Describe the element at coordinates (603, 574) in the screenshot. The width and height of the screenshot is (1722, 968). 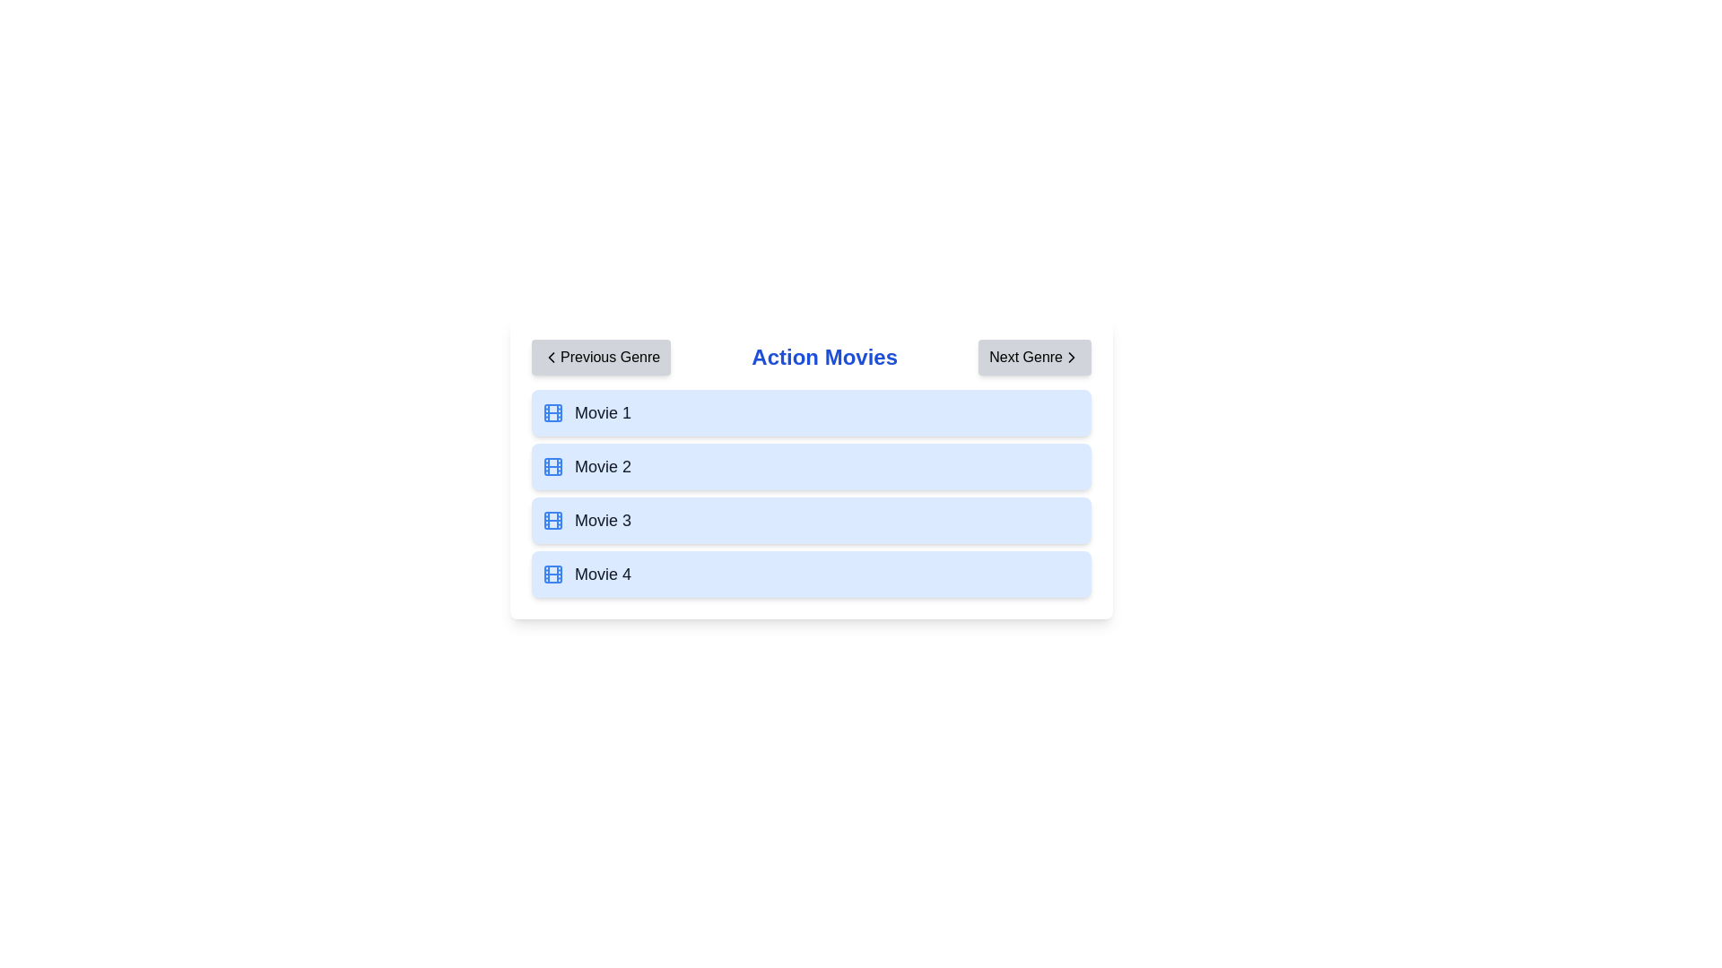
I see `the text label displaying the title of the fourth movie in the 'Action Movies' list, located to the right of the blue movie icon` at that location.